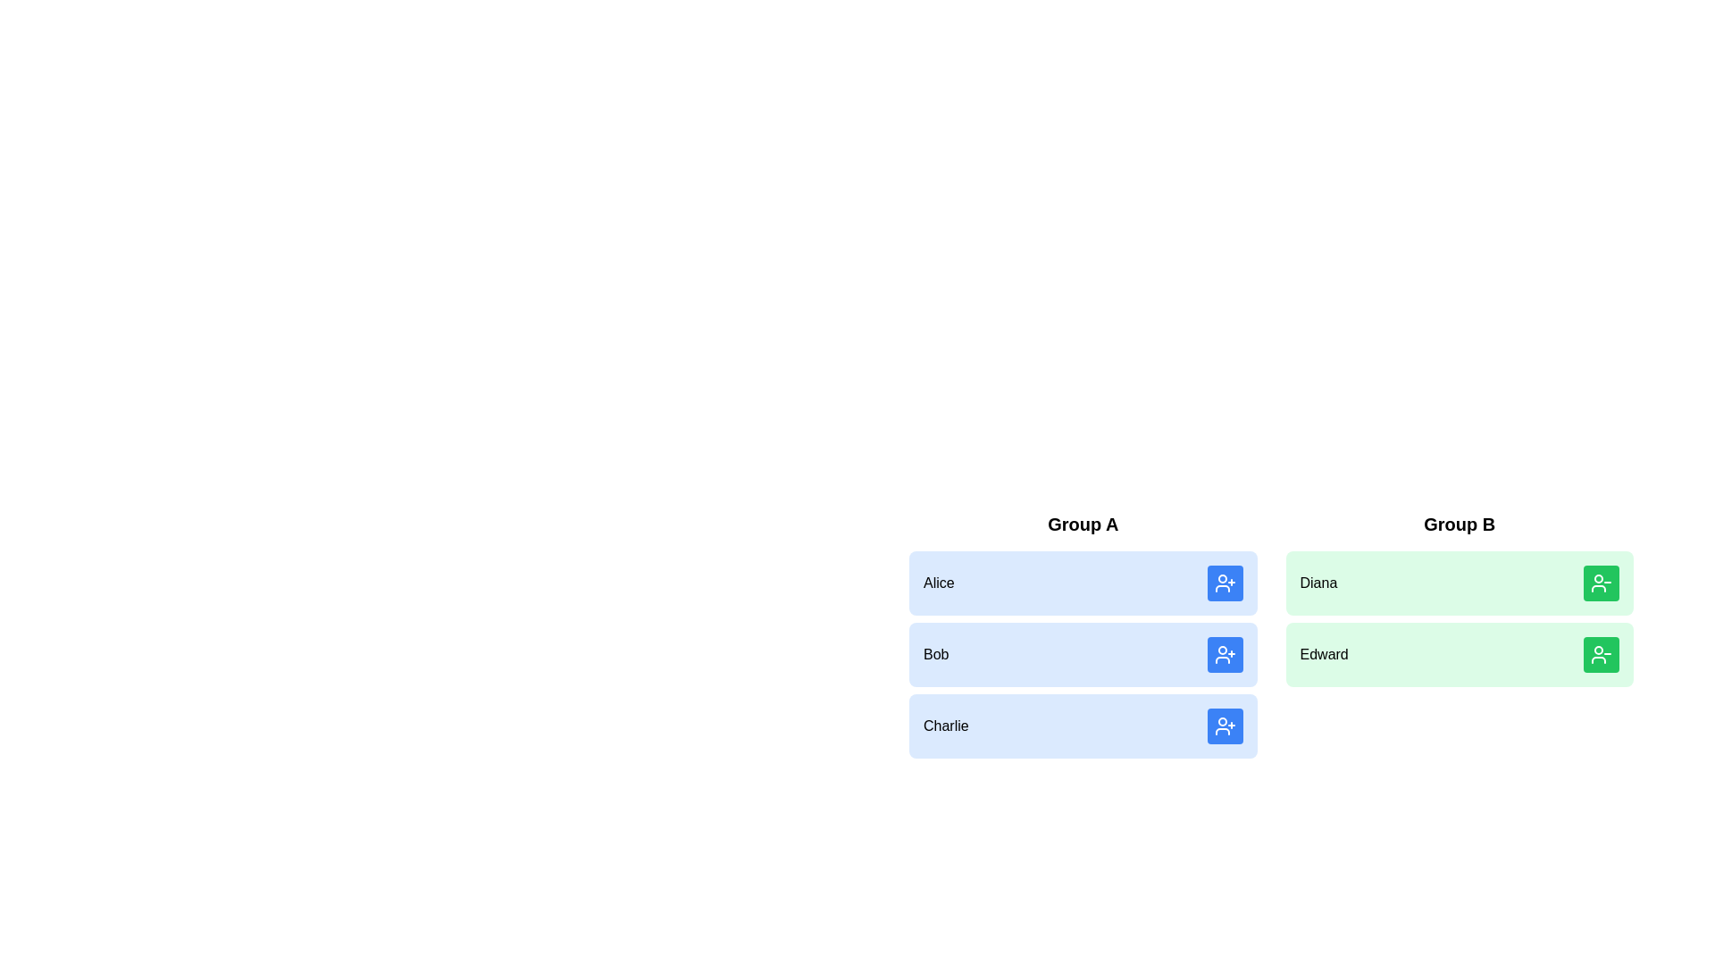 The image size is (1715, 965). I want to click on button next to 'Diana' in Group B to transfer her to Group A, so click(1602, 583).